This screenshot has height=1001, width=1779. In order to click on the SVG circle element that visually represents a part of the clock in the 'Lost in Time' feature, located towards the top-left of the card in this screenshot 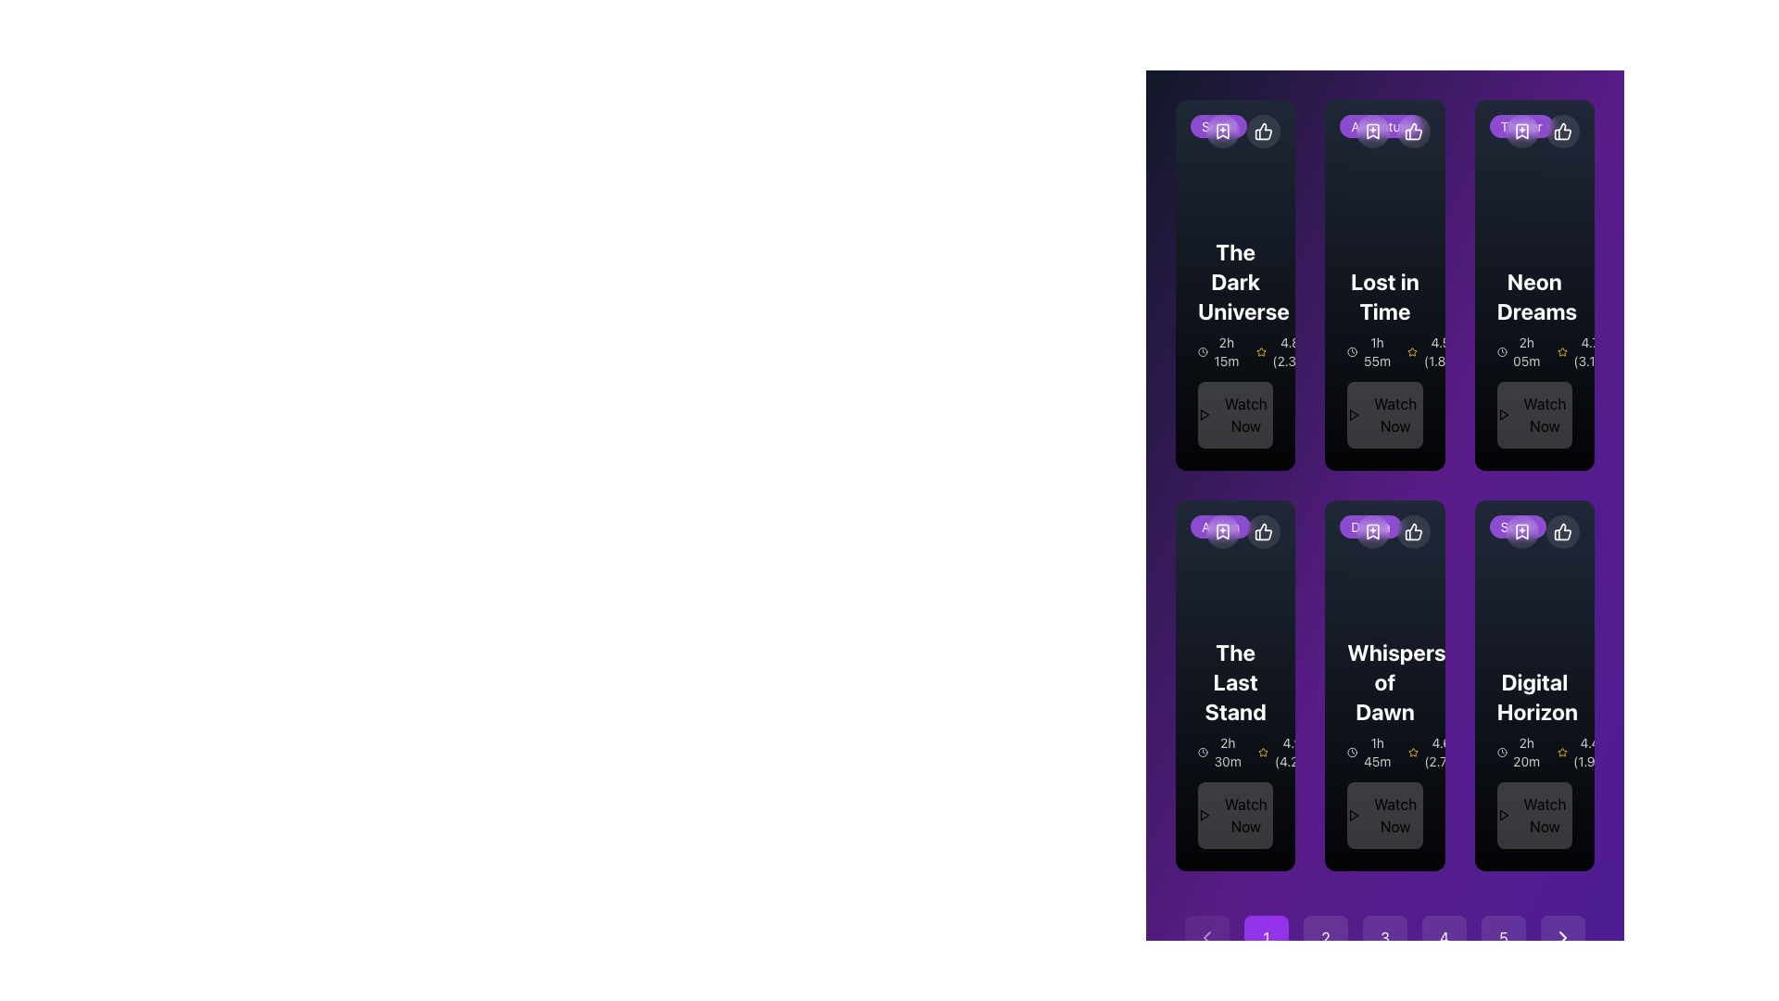, I will do `click(1352, 352)`.